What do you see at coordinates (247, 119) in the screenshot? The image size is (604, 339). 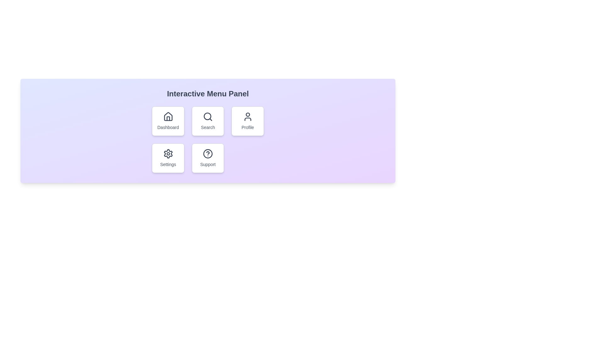 I see `the visual representation of the bottom stroke of the user profile icon, which is a curved line on a light purple background in the menu panel` at bounding box center [247, 119].